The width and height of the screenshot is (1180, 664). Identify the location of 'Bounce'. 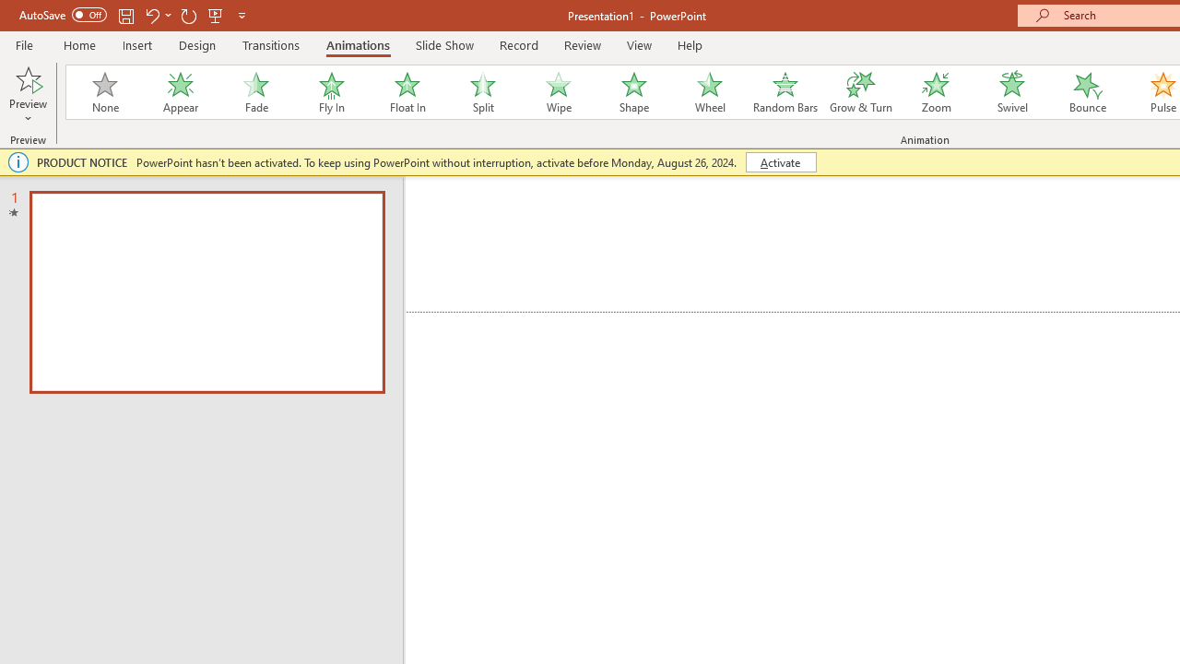
(1088, 92).